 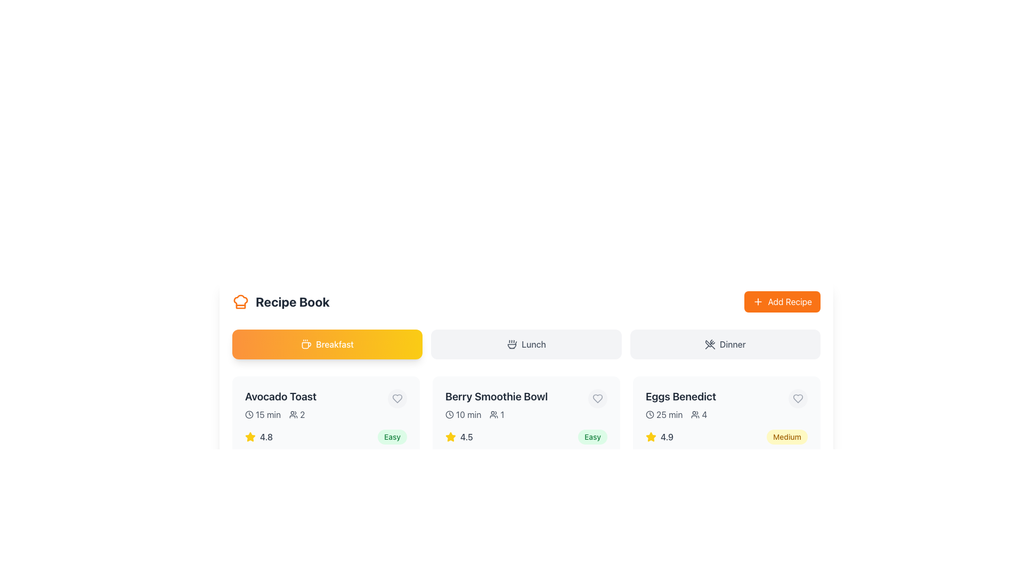 What do you see at coordinates (699, 414) in the screenshot?
I see `the number indicating servings for the 'Eggs Benedict' recipe, which is located in the third panel below the 'Dinner' tab, following the '25 min' label` at bounding box center [699, 414].